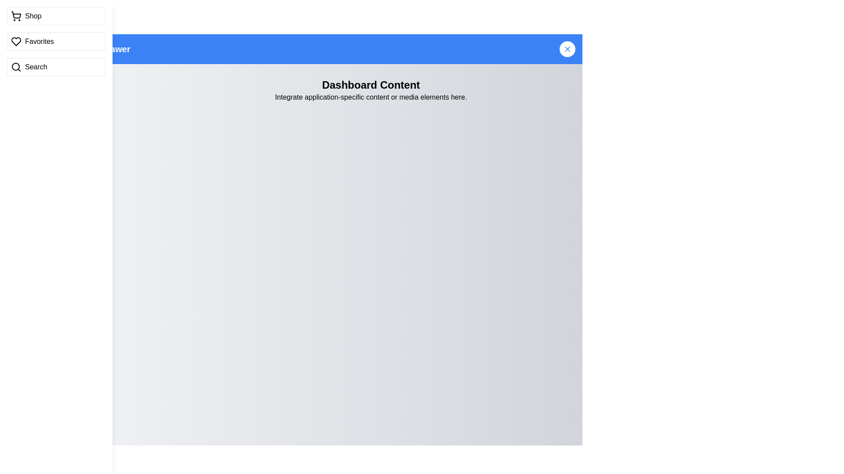 The image size is (844, 474). What do you see at coordinates (371, 97) in the screenshot?
I see `text label that says 'Integrate application-specific content or media elements here.' which is located below the 'Dashboard Content' title in the central panel area` at bounding box center [371, 97].